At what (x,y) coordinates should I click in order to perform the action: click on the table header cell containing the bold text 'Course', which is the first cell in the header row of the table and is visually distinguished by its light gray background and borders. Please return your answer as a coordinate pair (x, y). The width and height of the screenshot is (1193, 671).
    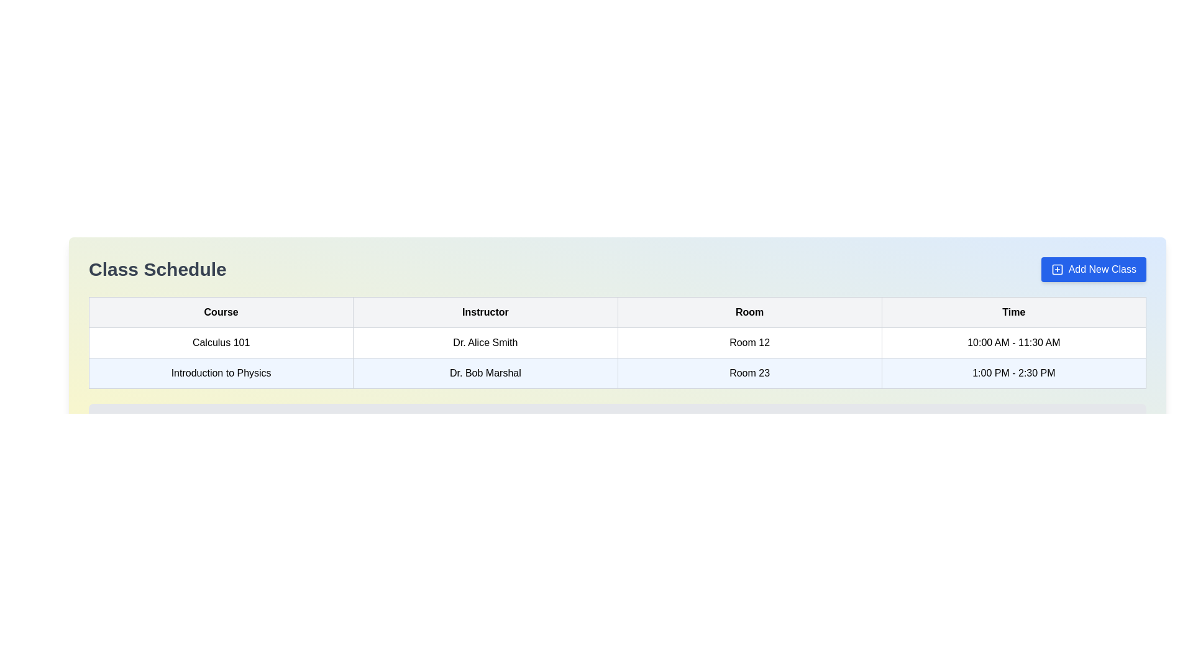
    Looking at the image, I should click on (221, 311).